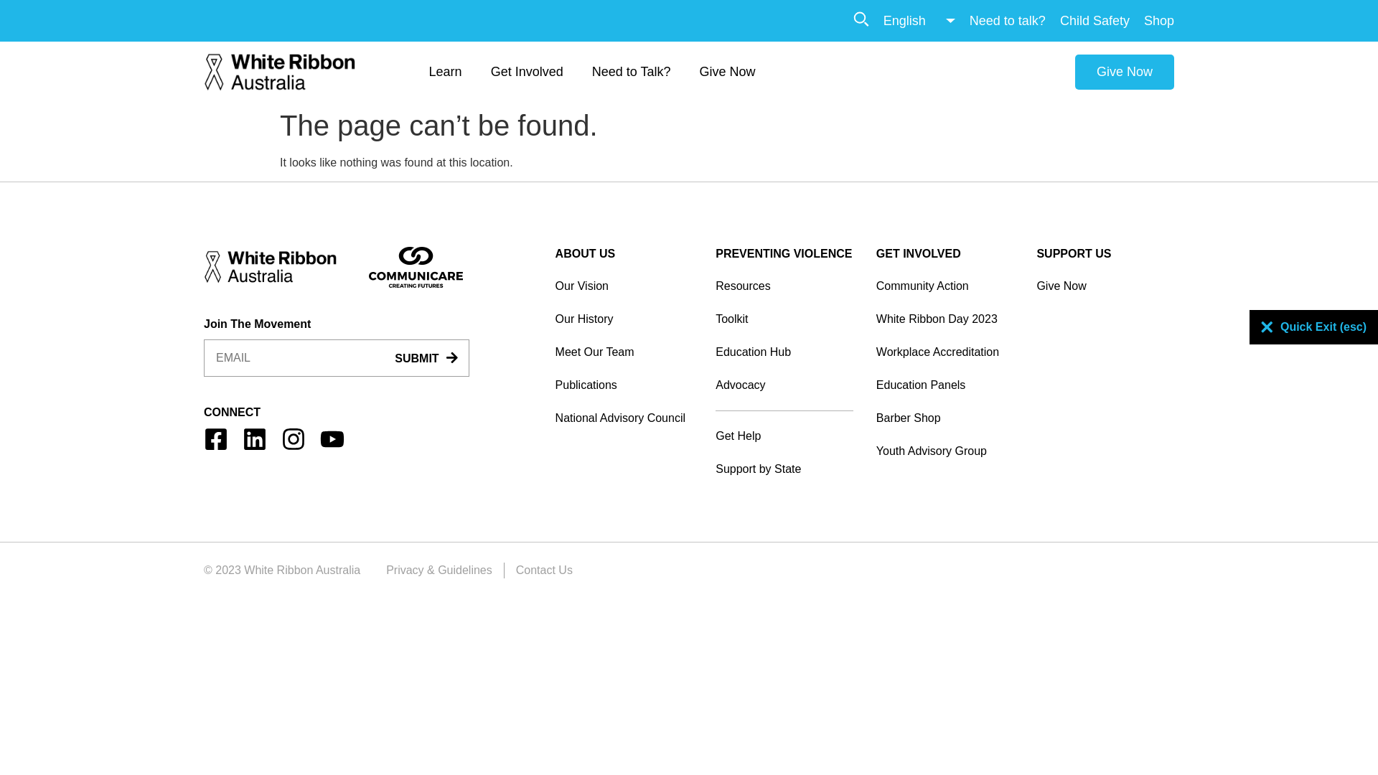  Describe the element at coordinates (784, 469) in the screenshot. I see `'Support by State'` at that location.